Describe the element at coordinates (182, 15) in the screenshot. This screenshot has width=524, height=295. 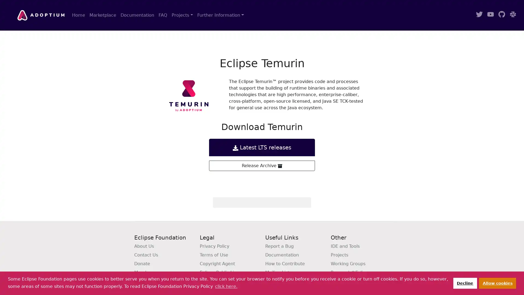
I see `Projects` at that location.